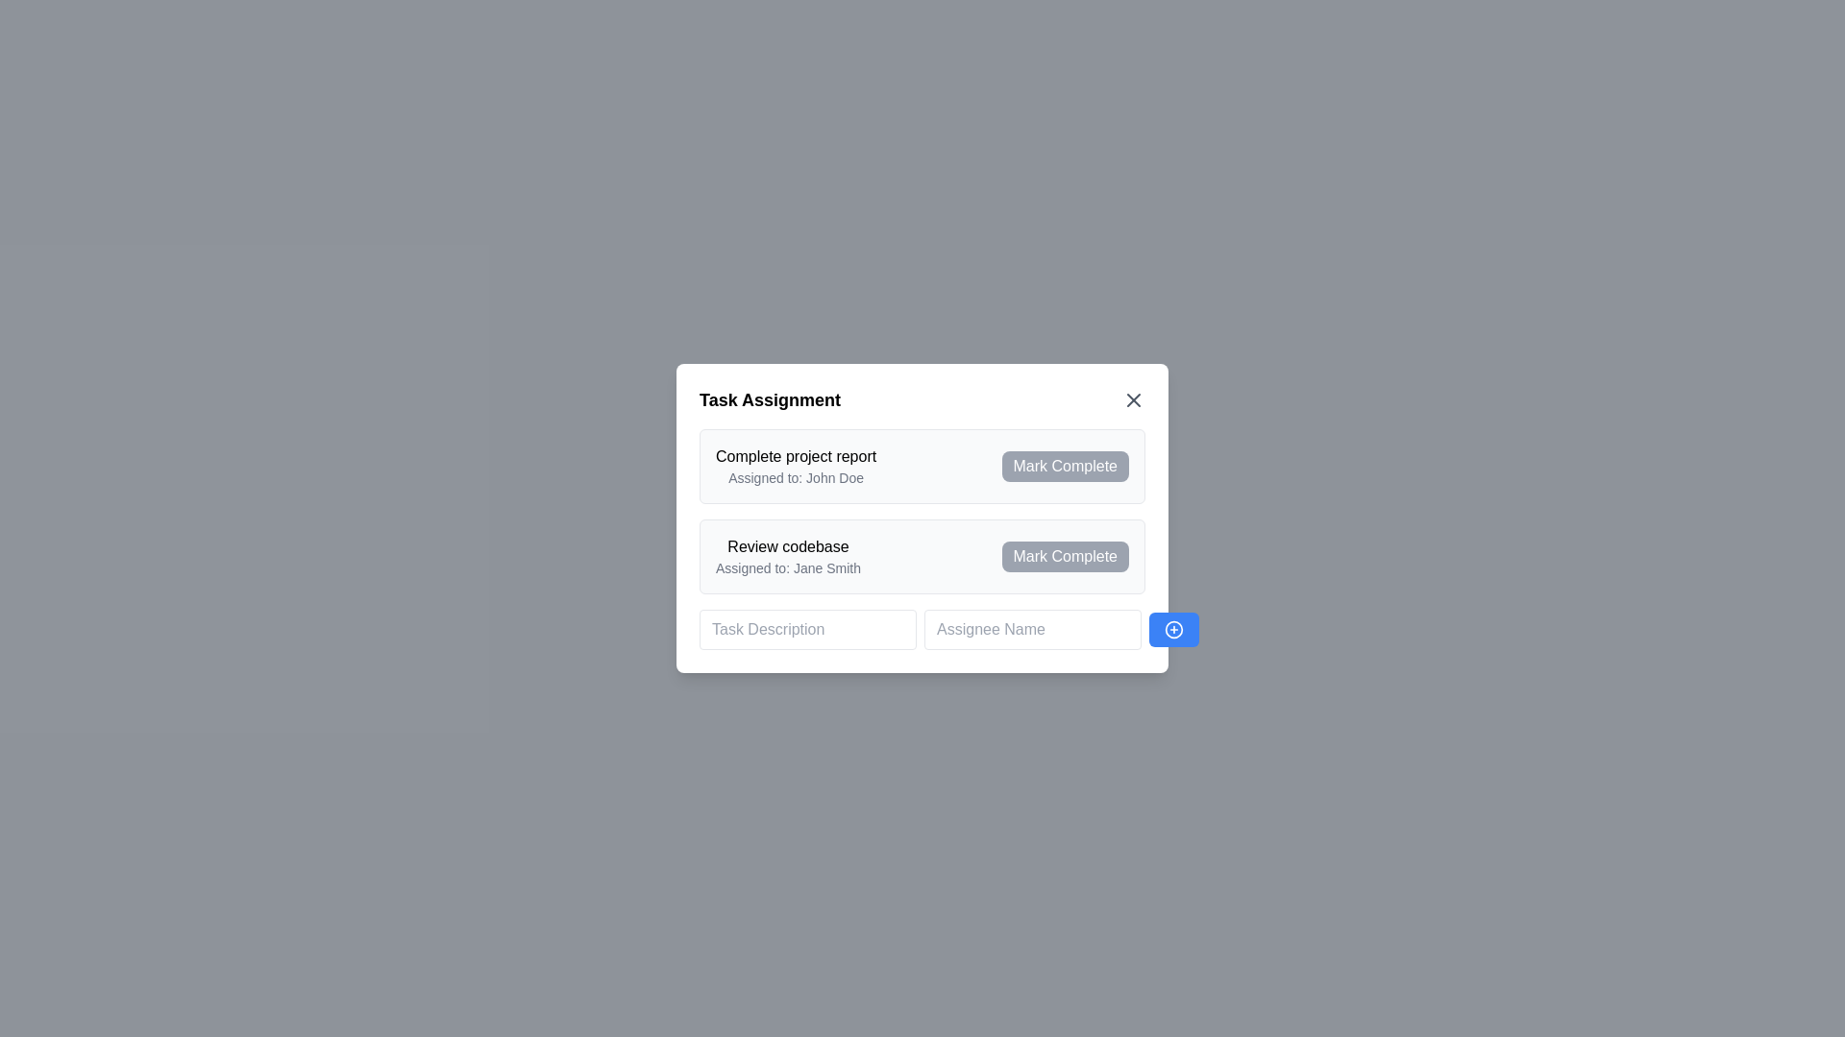 The width and height of the screenshot is (1845, 1037). What do you see at coordinates (796, 456) in the screenshot?
I see `the Text label that presents the title or description of a specific task assigned to a user, located centrally in the top half of the dialog` at bounding box center [796, 456].